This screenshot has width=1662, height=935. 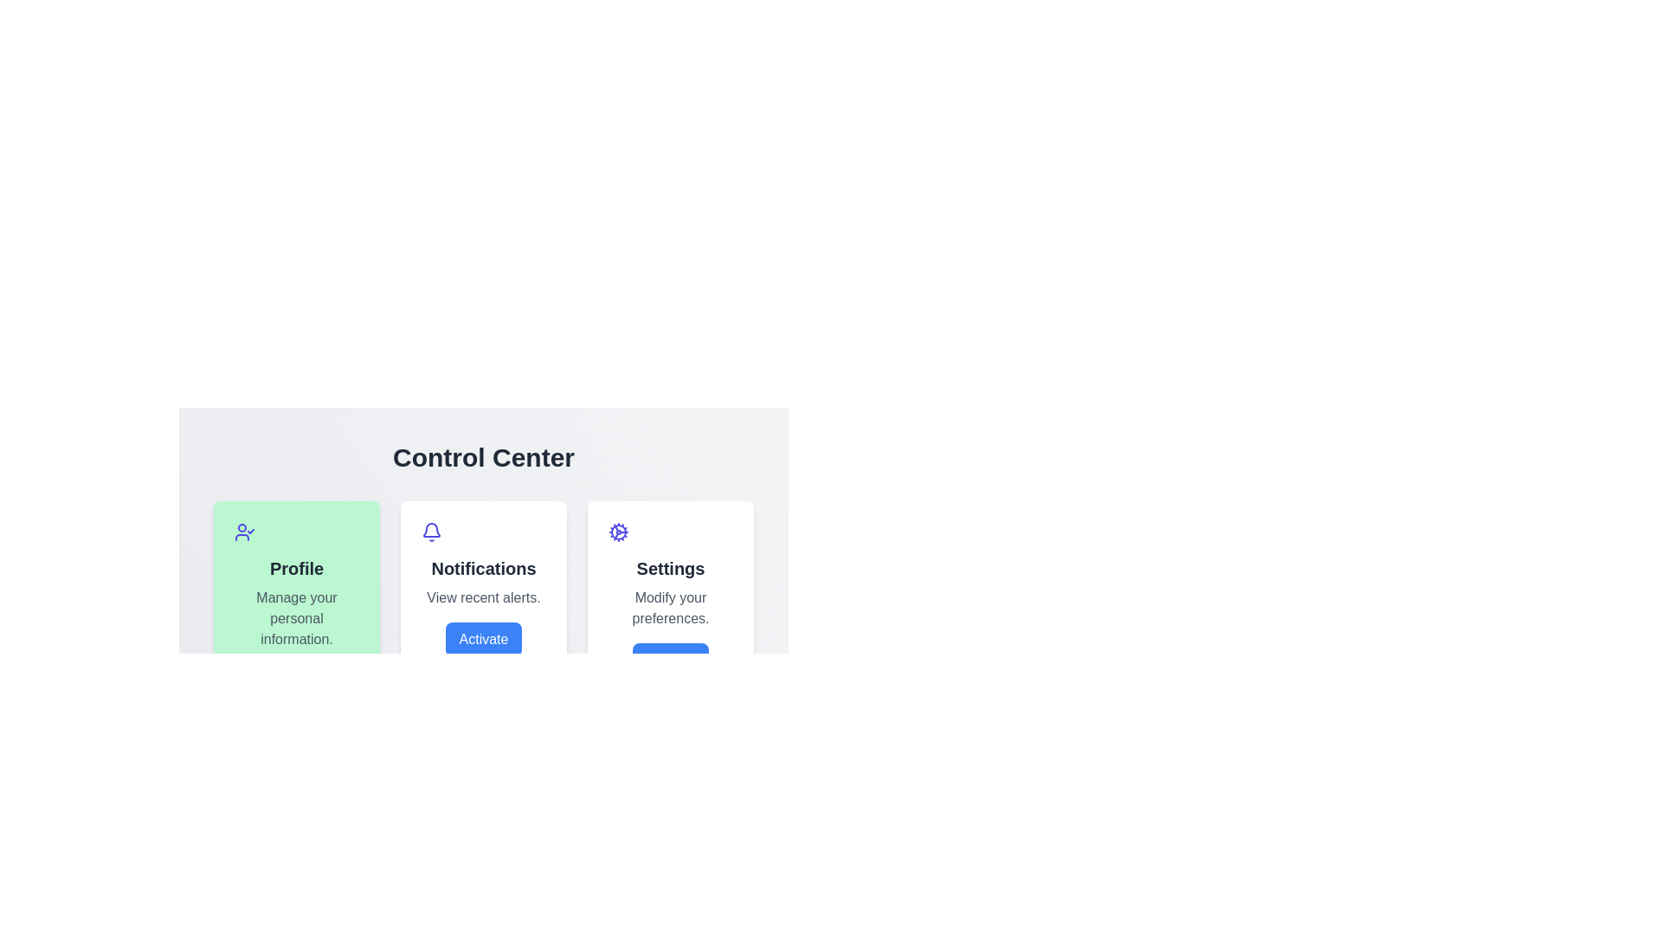 What do you see at coordinates (619, 531) in the screenshot?
I see `the vector graphic element of the cogwheel icon located in the 'Settings' card of the control center interface` at bounding box center [619, 531].